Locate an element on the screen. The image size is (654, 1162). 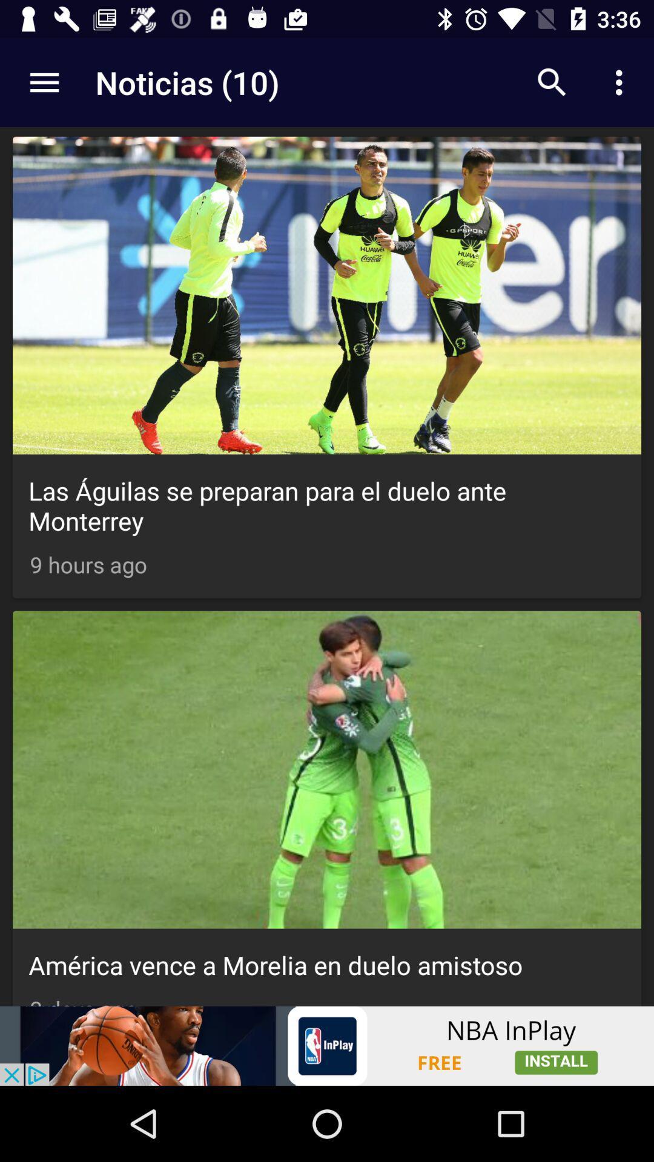
see advertisement is located at coordinates (327, 1045).